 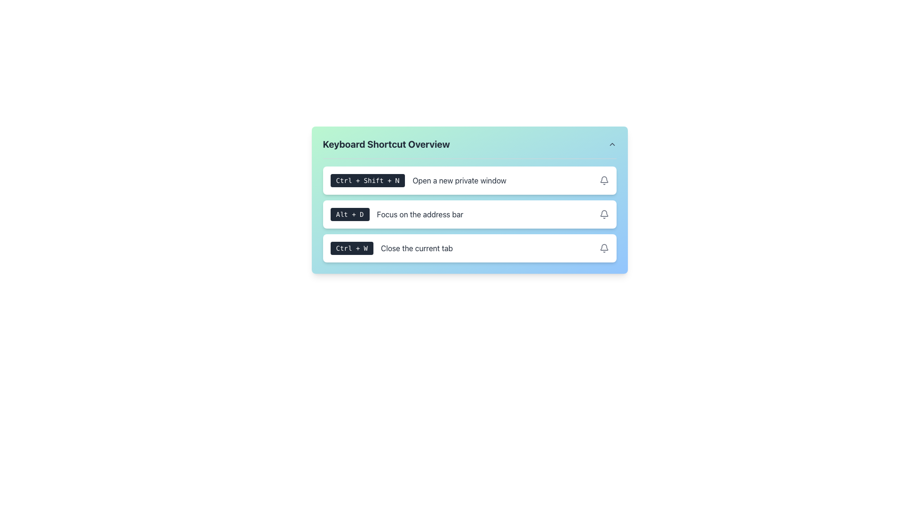 I want to click on the text label displaying the keyboard shortcut 'Ctrl + Shift + N' located in the first row under 'Keyboard Shortcut Overview', preceding the description 'Open a new private window', so click(x=367, y=181).